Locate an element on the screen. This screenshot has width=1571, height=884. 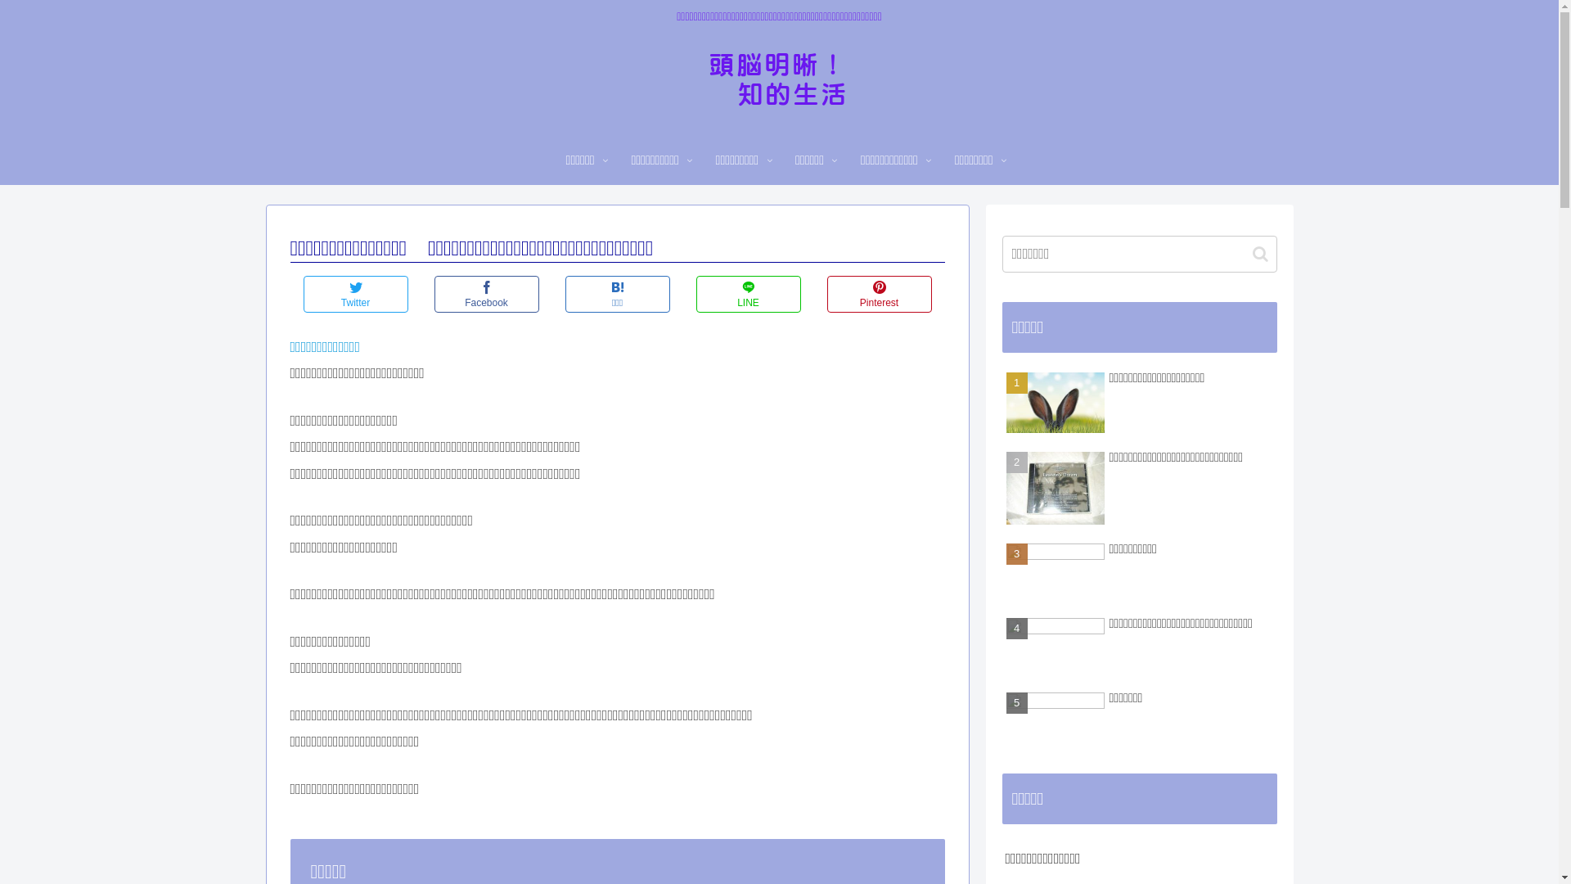
'LINE' is located at coordinates (746, 293).